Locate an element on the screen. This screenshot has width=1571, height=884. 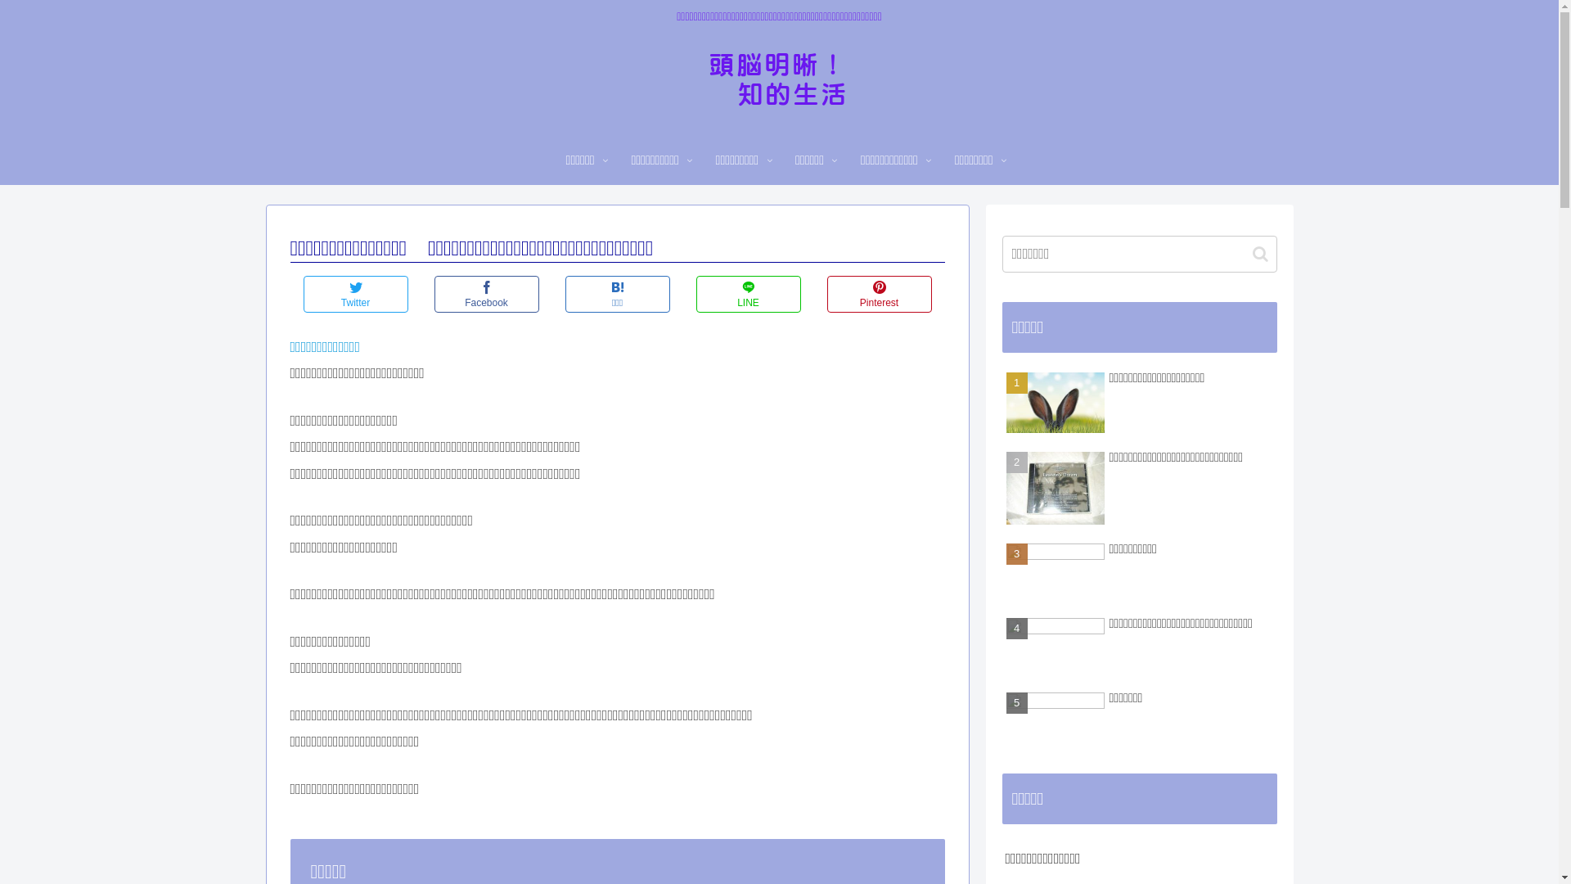
'LINE' is located at coordinates (746, 293).